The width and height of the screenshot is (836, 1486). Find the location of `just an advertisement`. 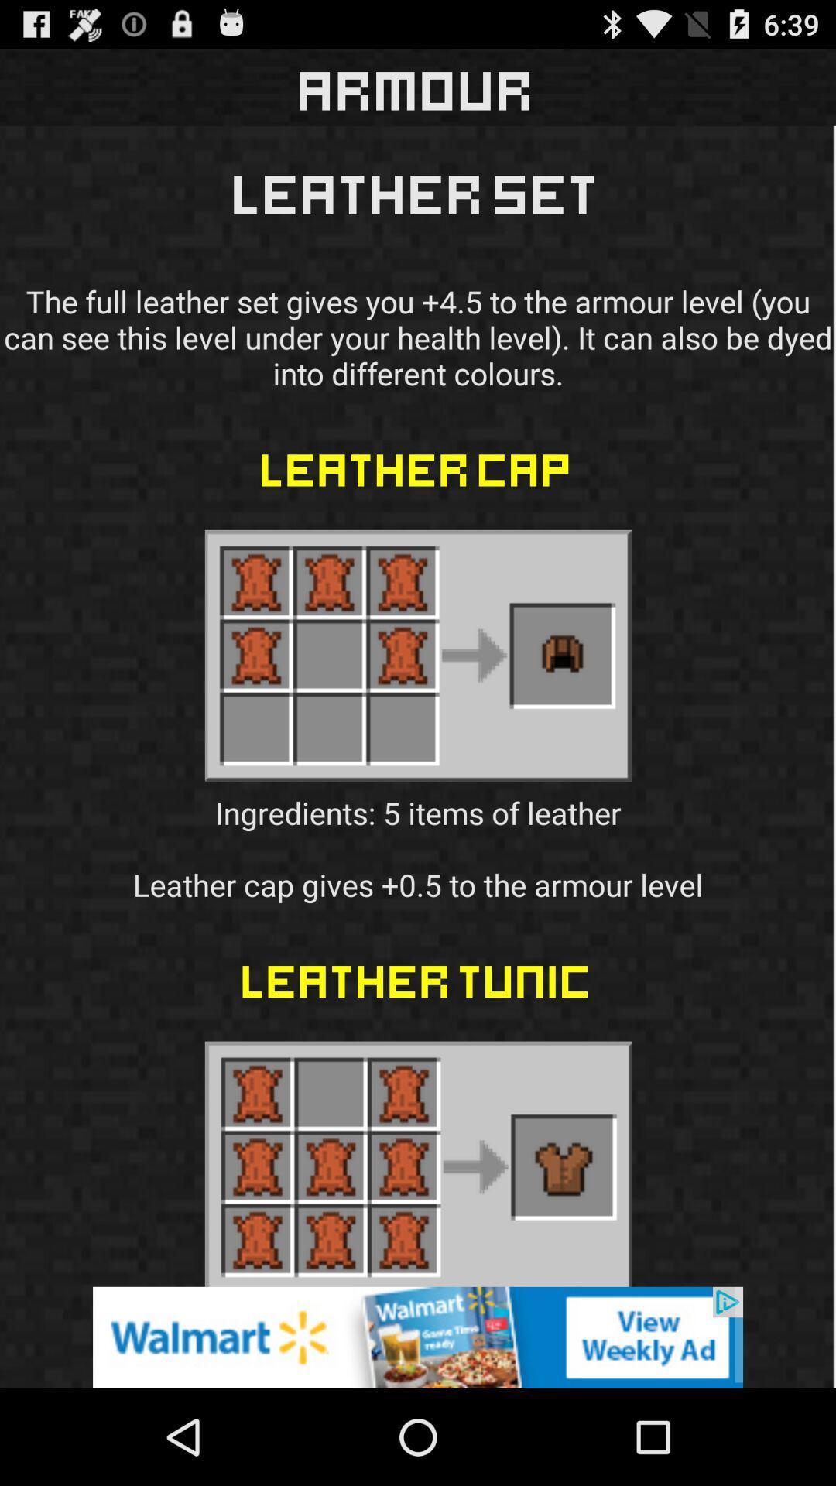

just an advertisement is located at coordinates (418, 1337).